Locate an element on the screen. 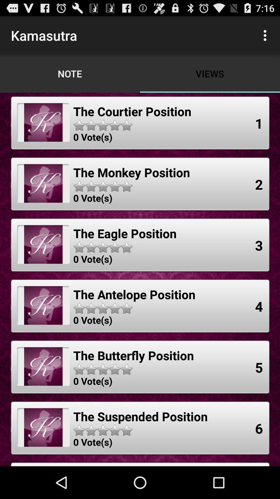 This screenshot has height=499, width=280. the icon above 3 icon is located at coordinates (259, 184).